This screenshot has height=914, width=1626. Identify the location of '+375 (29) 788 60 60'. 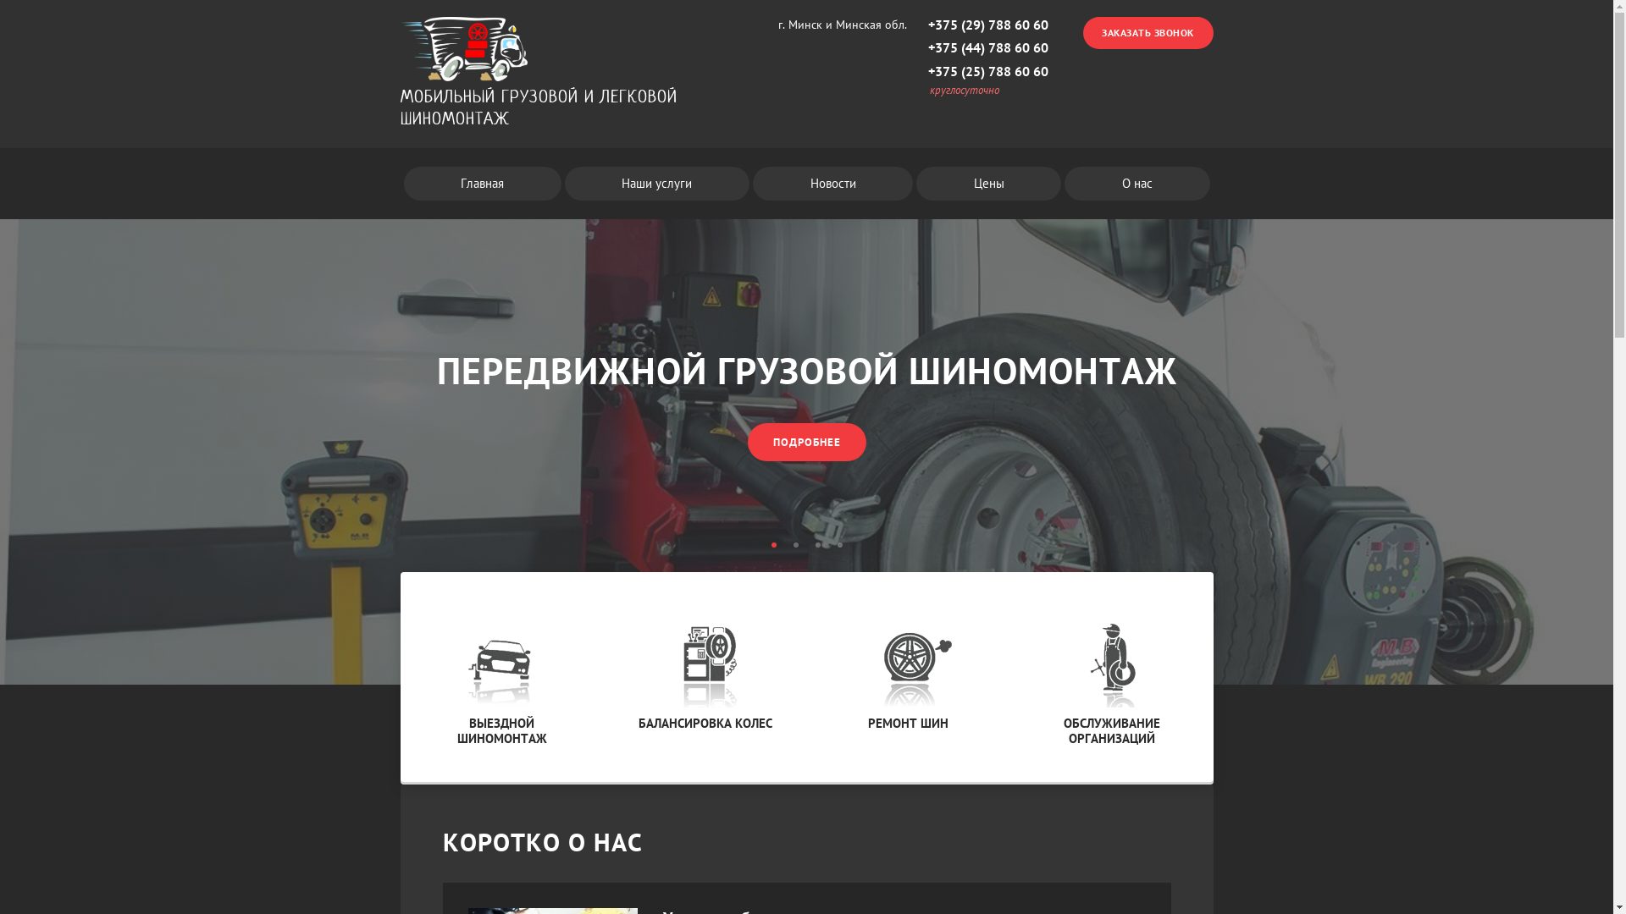
(987, 25).